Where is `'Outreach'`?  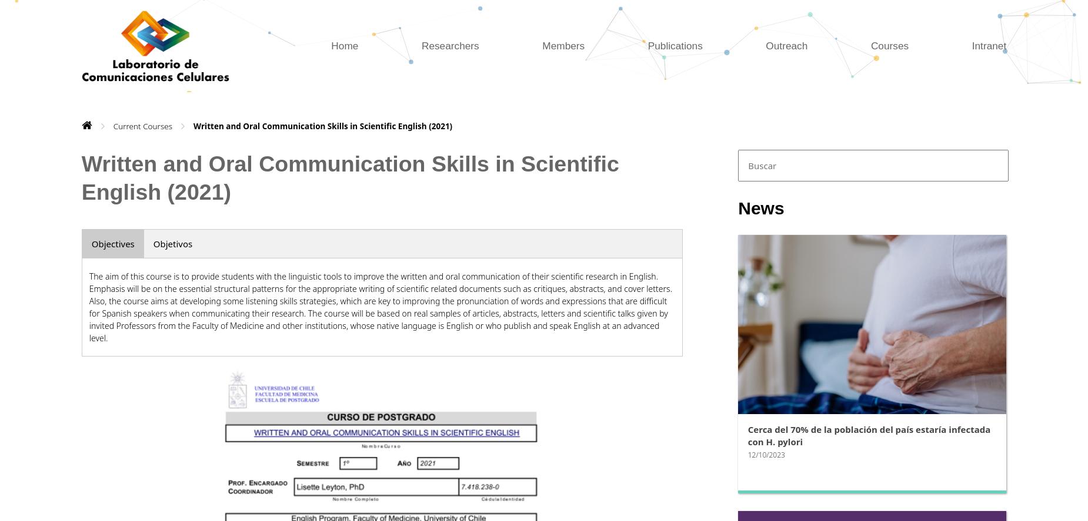 'Outreach' is located at coordinates (765, 45).